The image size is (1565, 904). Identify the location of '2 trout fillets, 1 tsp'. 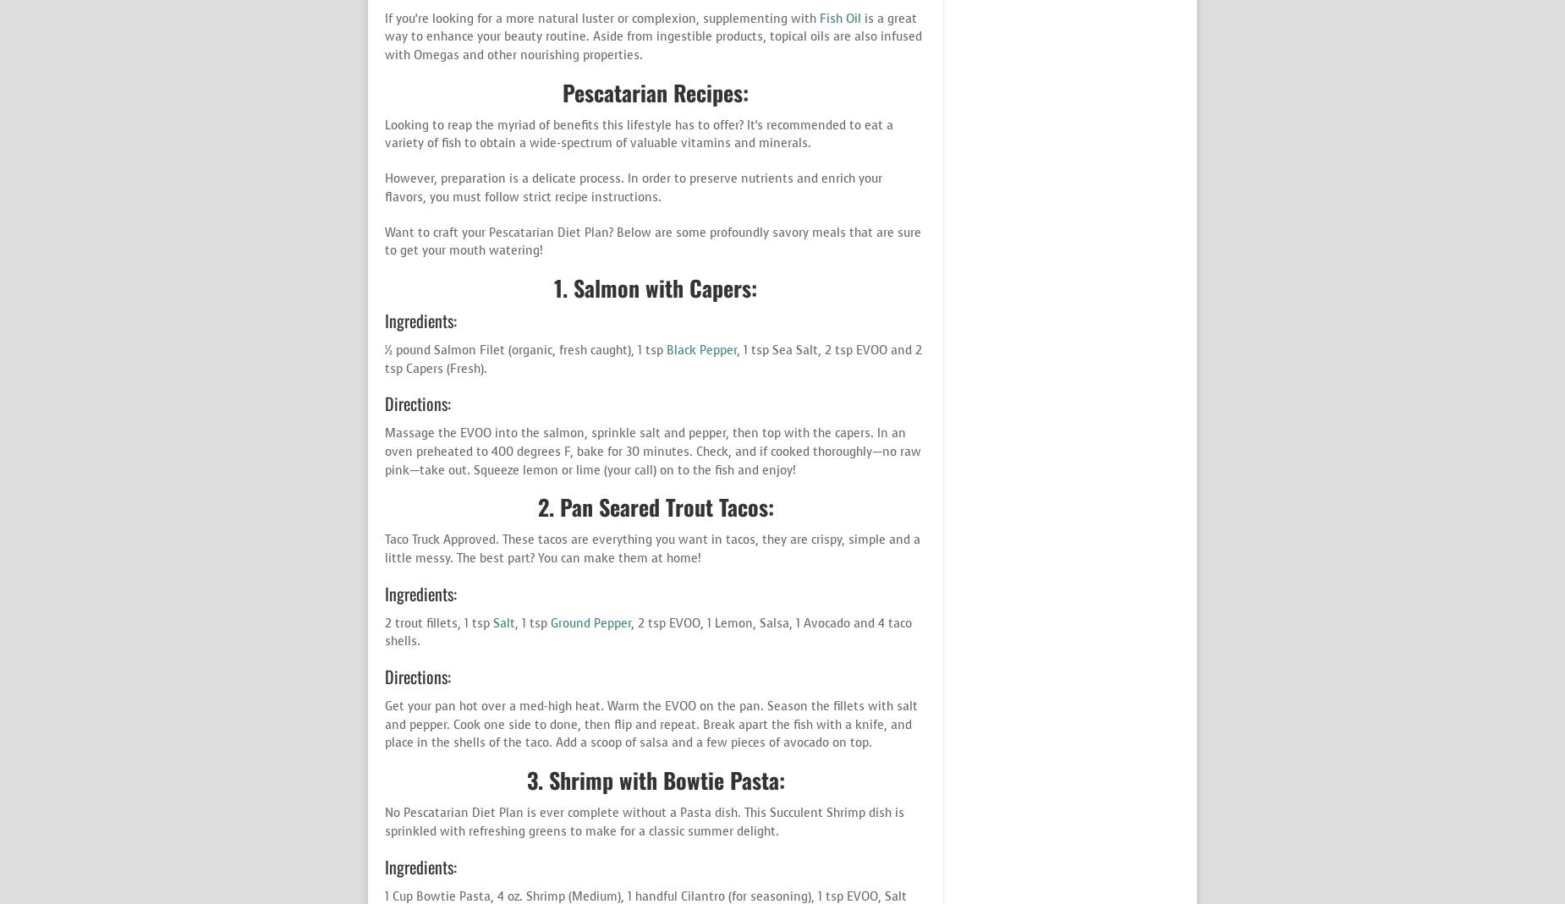
(438, 622).